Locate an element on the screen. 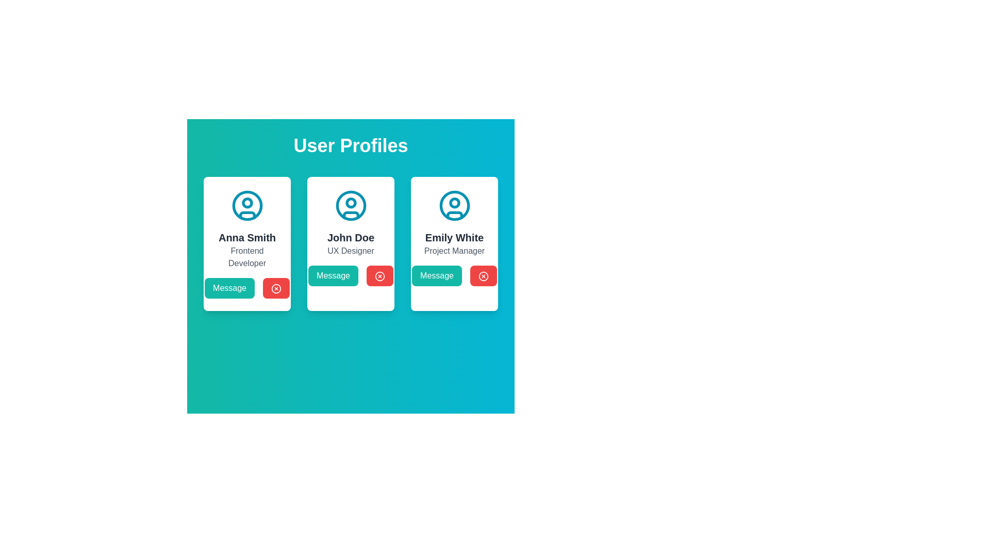 The image size is (990, 557). the small circular visual component located in the top half of the avatar icon in the center user card is located at coordinates (351, 203).